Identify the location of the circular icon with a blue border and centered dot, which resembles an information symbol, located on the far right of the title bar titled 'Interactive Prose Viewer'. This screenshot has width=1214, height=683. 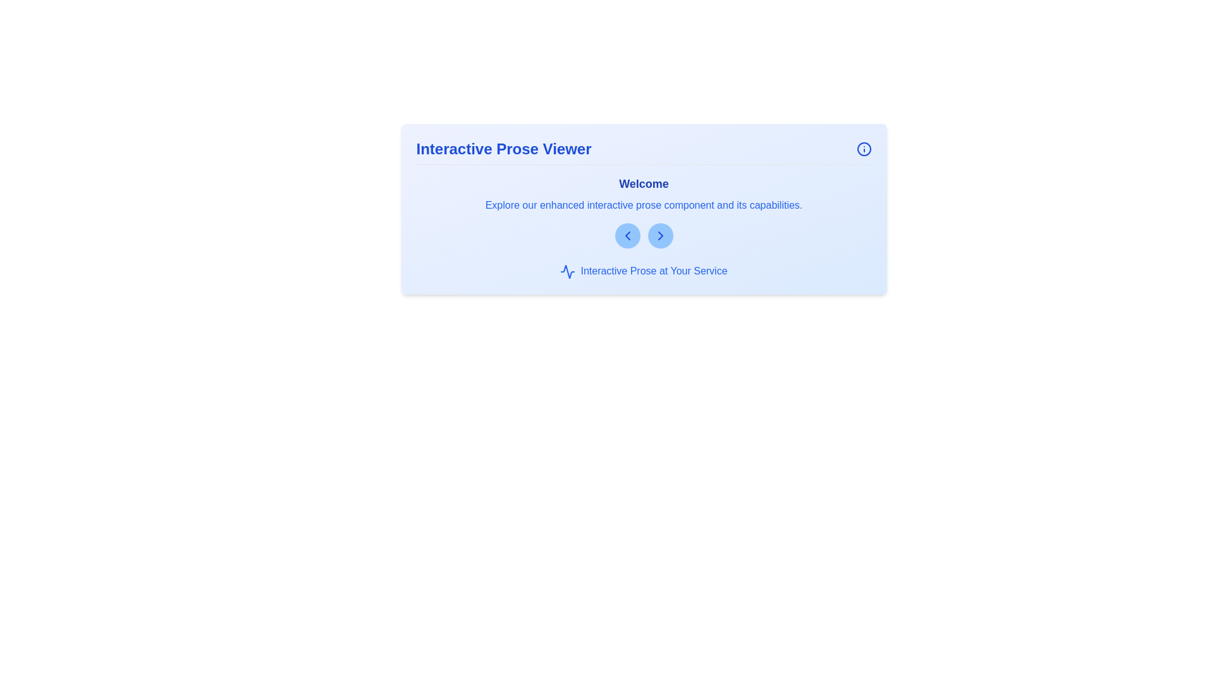
(863, 148).